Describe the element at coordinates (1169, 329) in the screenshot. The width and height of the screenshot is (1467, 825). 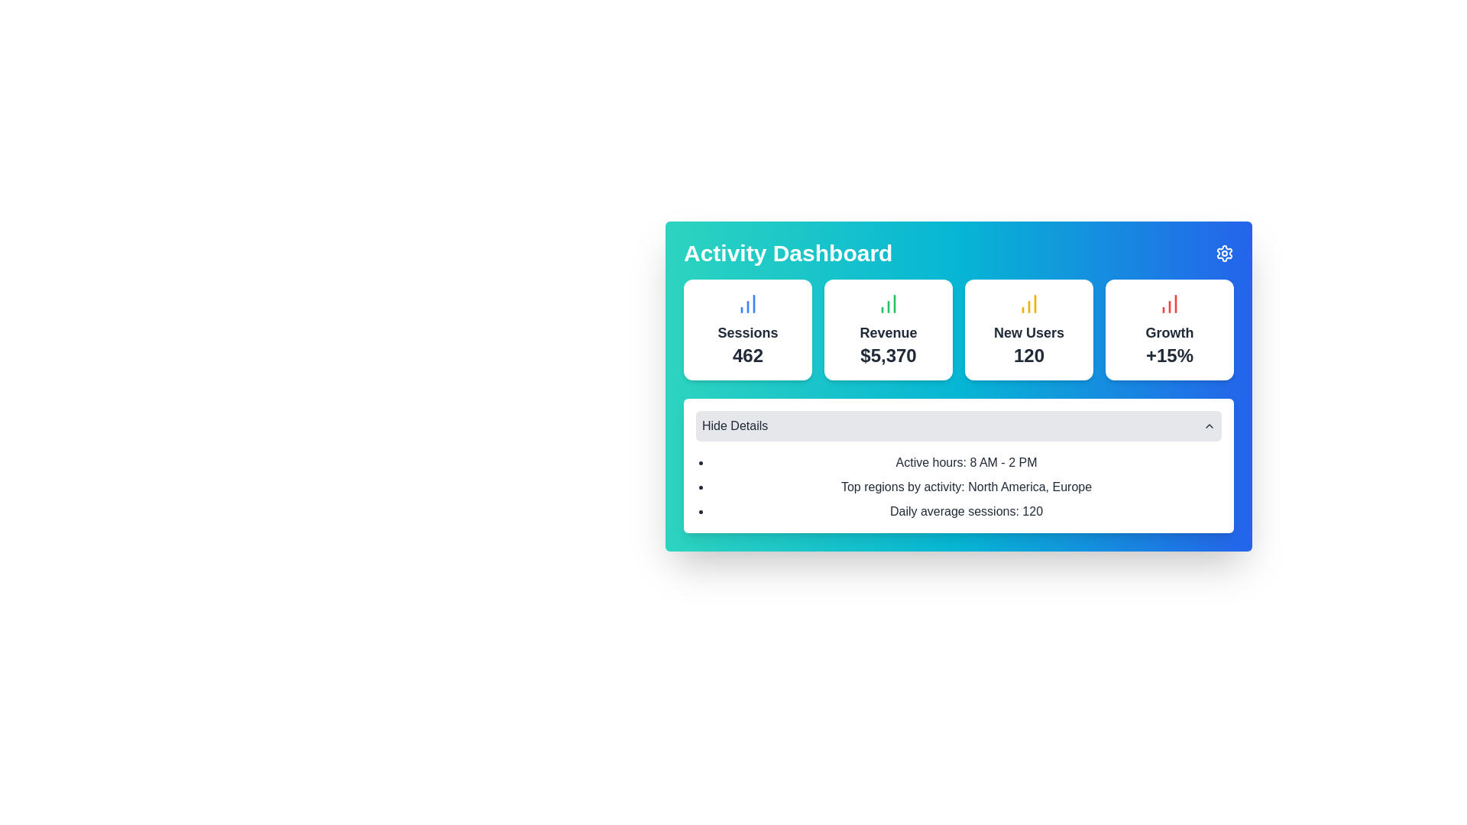
I see `visual or textual content of the Info Card displaying growth metrics, which is the last card in the horizontally aligned set of four cards in the Activity Dashboard` at that location.